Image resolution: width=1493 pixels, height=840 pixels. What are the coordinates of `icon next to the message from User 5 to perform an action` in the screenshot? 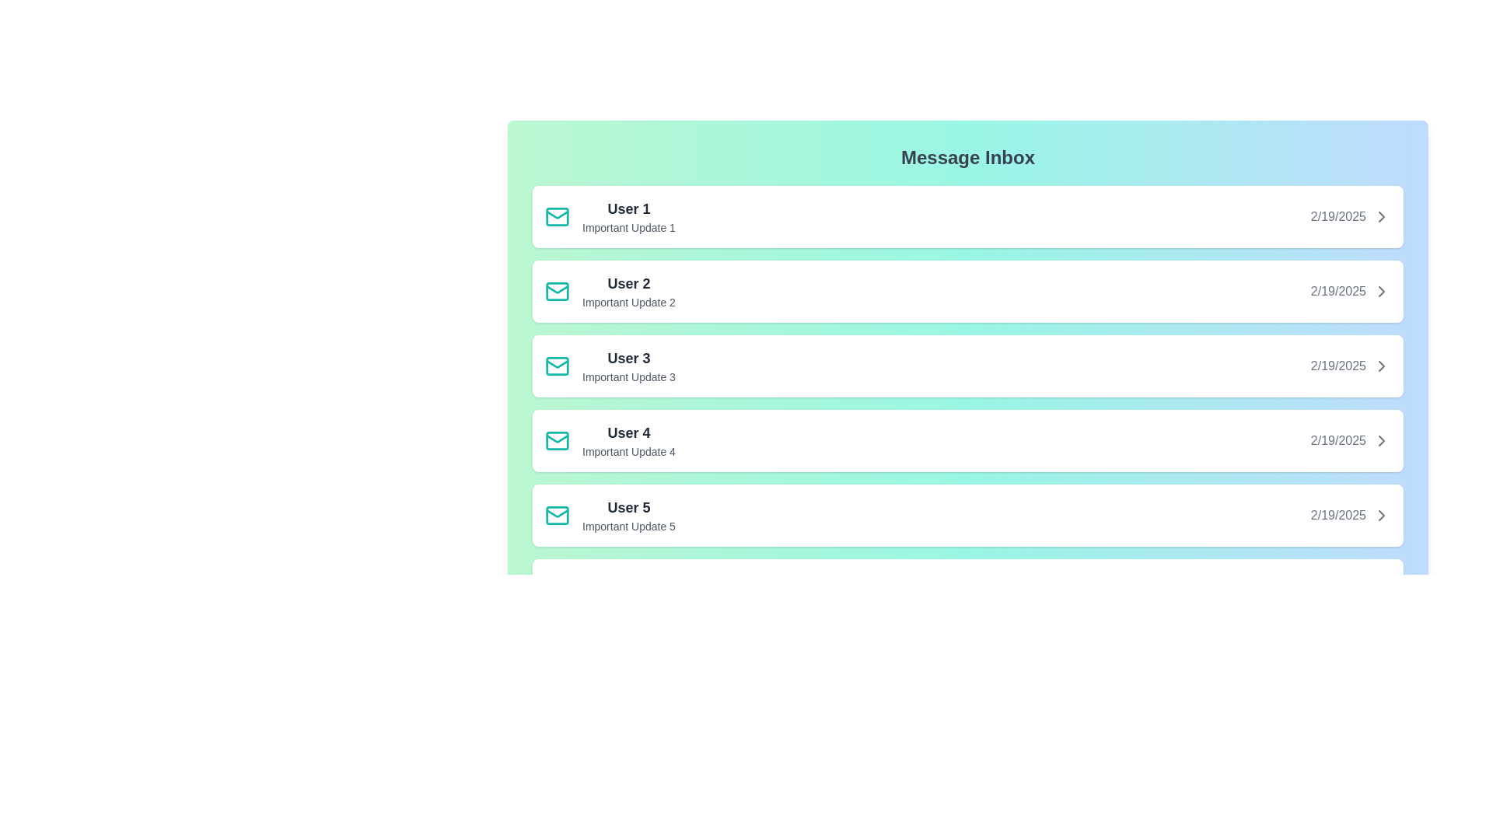 It's located at (557, 516).